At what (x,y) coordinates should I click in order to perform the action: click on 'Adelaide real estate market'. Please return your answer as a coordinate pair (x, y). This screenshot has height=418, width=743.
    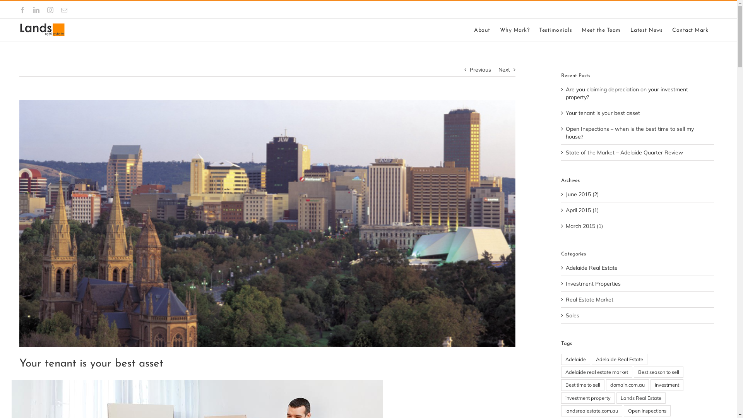
    Looking at the image, I should click on (596, 372).